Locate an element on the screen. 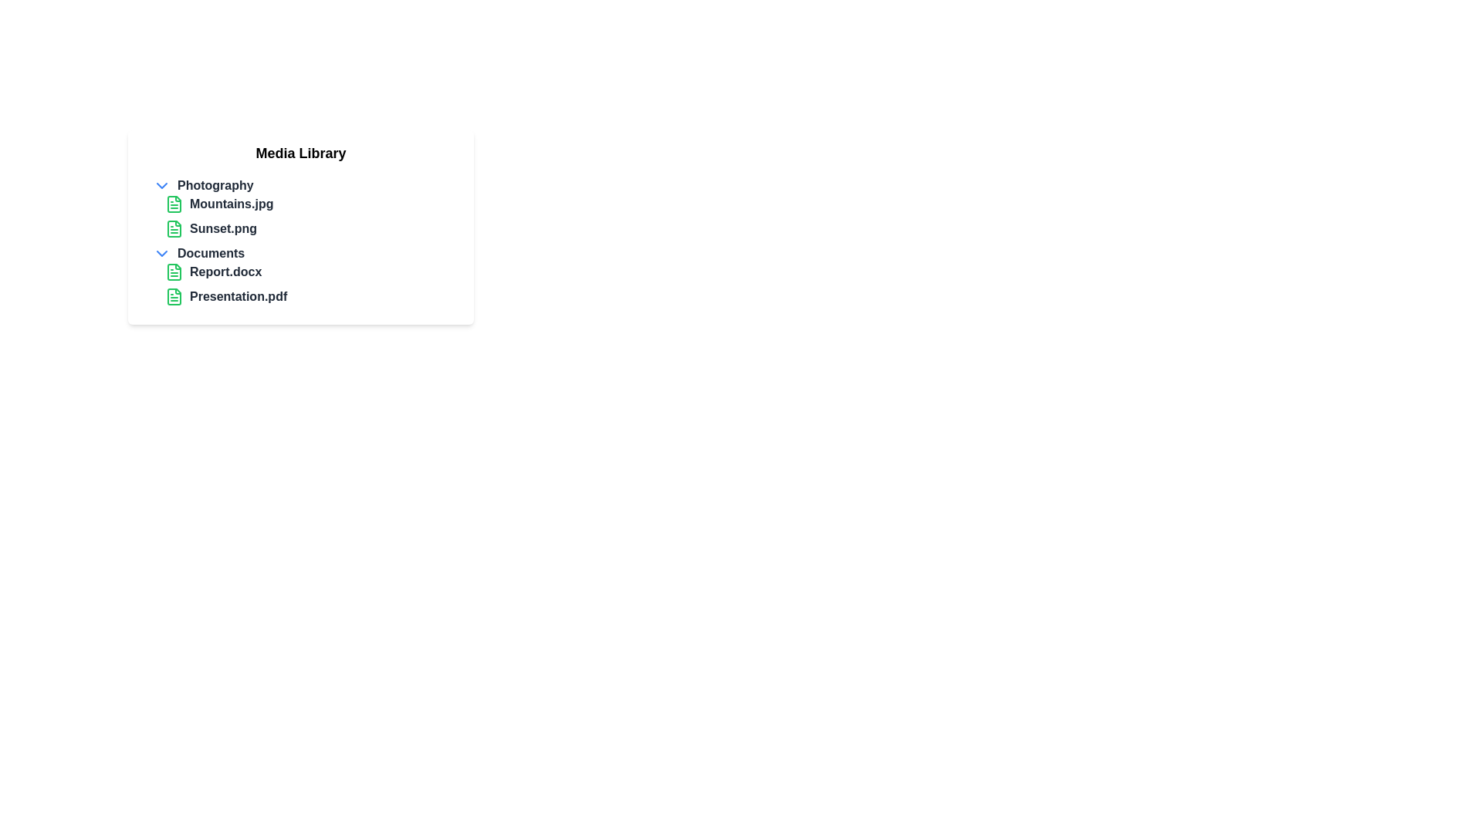 The height and width of the screenshot is (833, 1482). the document icon with a green outline located in the Media Library section, positioned to the left of the 'Documents' text is located at coordinates (174, 297).